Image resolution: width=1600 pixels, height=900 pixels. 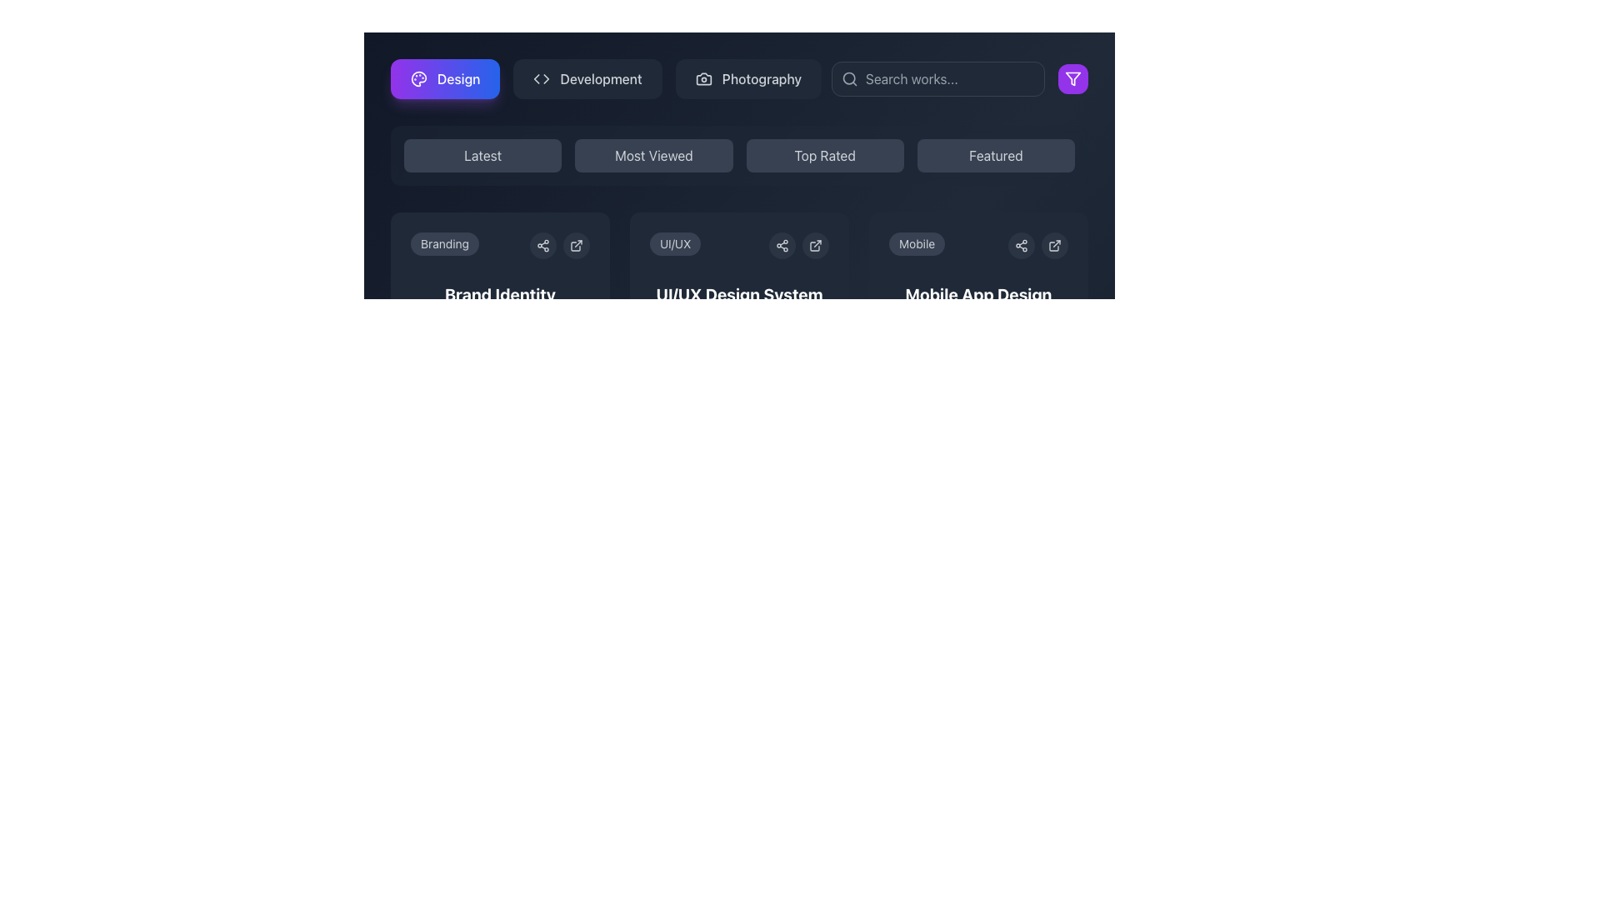 What do you see at coordinates (445, 79) in the screenshot?
I see `the 'Design' button located at the top-left section of the interface` at bounding box center [445, 79].